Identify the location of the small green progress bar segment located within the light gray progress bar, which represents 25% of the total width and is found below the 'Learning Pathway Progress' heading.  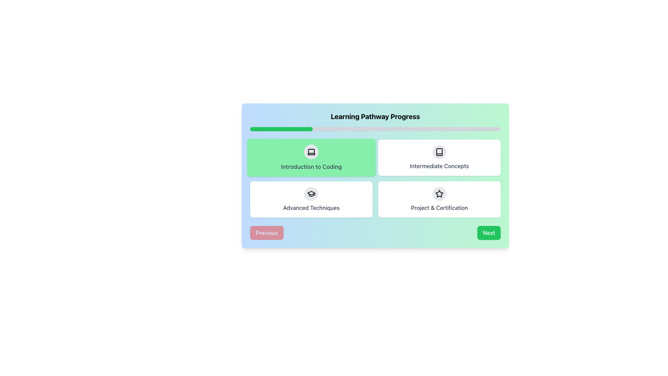
(281, 129).